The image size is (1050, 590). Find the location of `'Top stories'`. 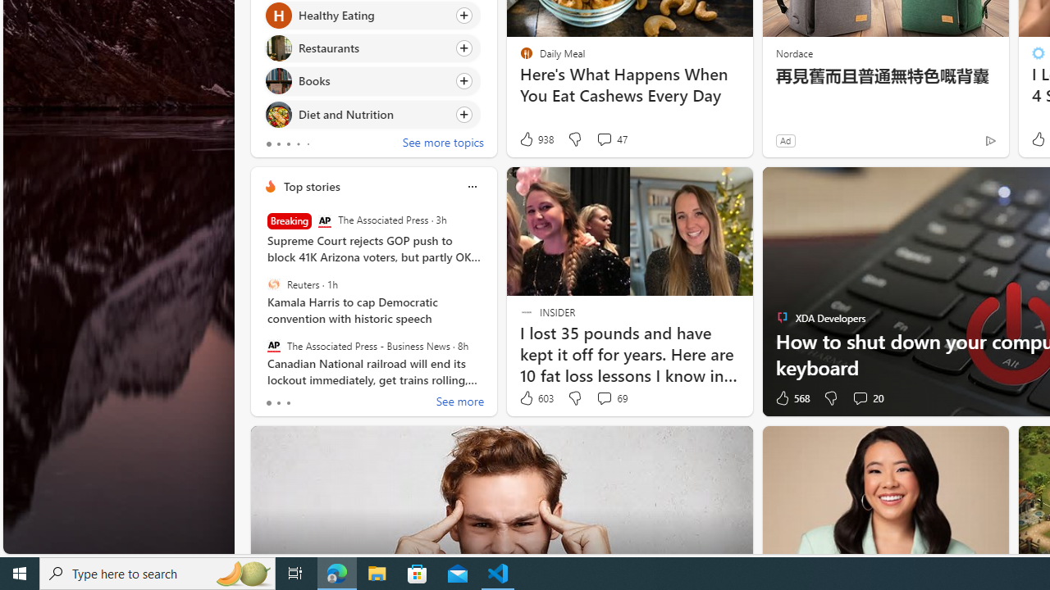

'Top stories' is located at coordinates (312, 185).